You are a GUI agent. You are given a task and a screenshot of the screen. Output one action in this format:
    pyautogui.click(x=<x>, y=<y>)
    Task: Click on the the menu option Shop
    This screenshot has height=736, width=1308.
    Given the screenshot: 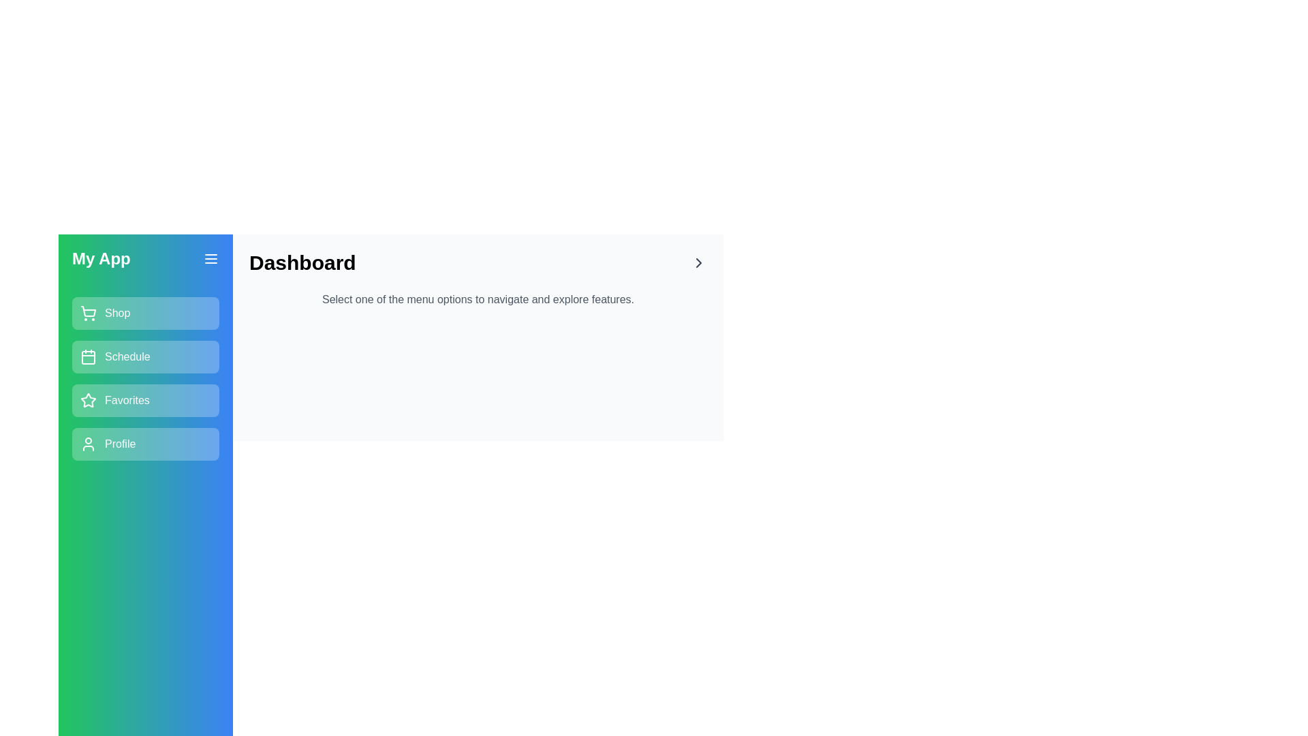 What is the action you would take?
    pyautogui.click(x=146, y=313)
    